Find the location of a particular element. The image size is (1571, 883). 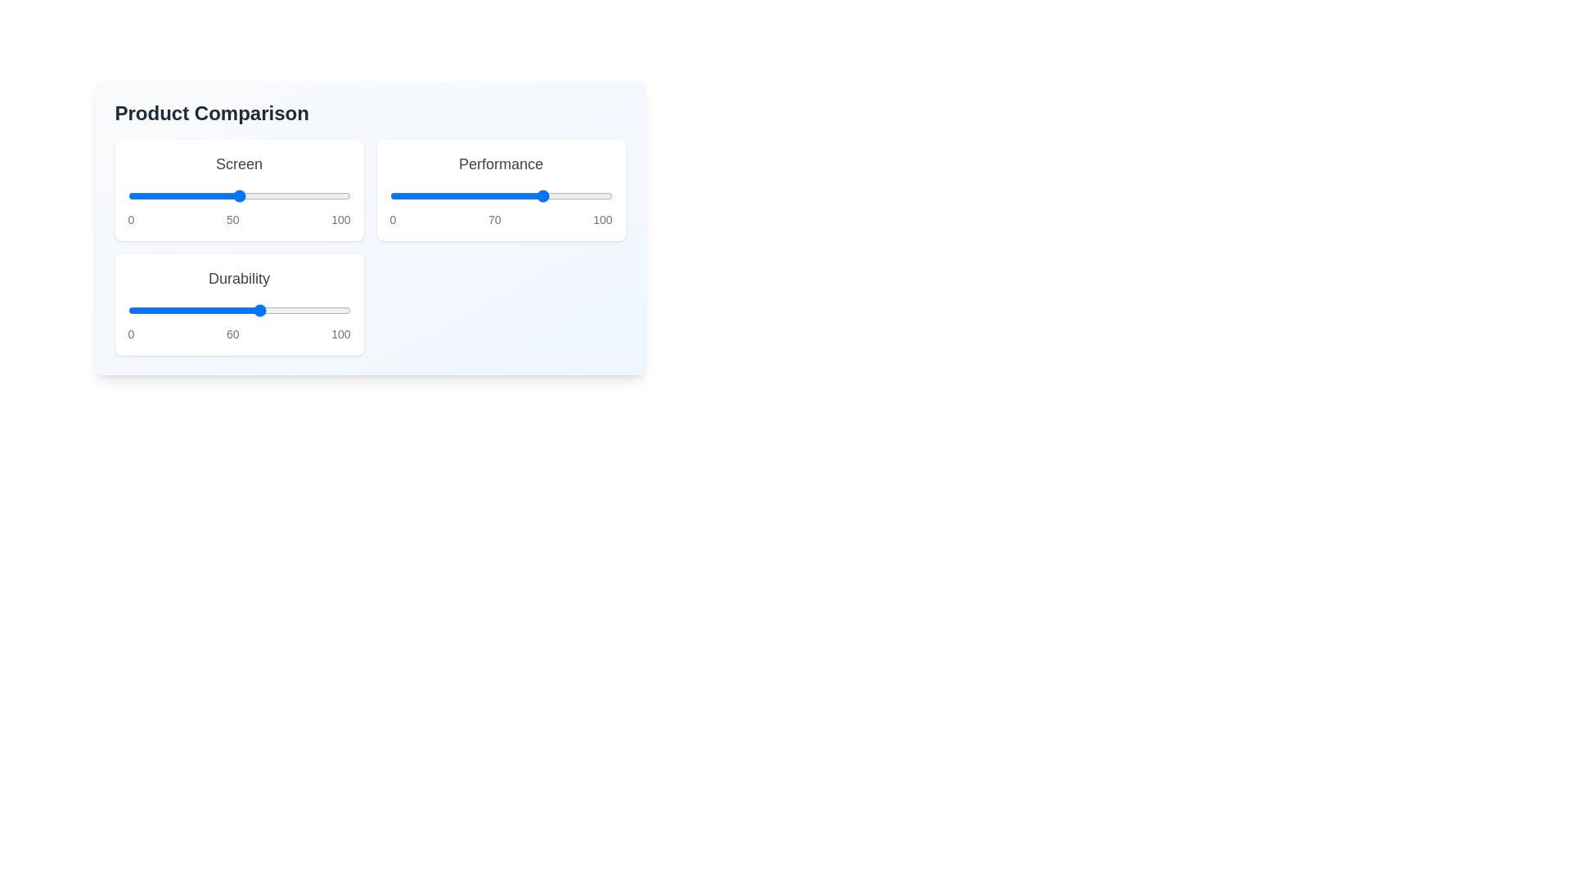

the 'Durability' slider to 19 is located at coordinates (170, 311).